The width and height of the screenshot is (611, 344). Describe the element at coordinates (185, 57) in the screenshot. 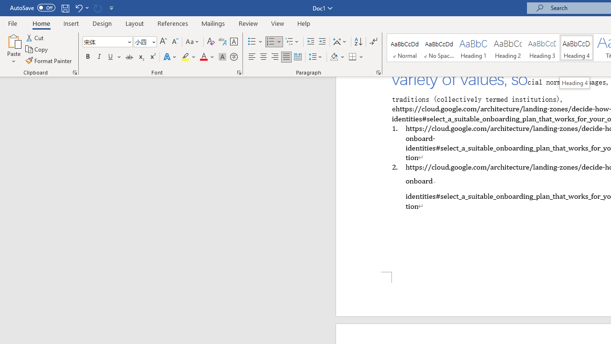

I see `'Text Highlight Color Yellow'` at that location.